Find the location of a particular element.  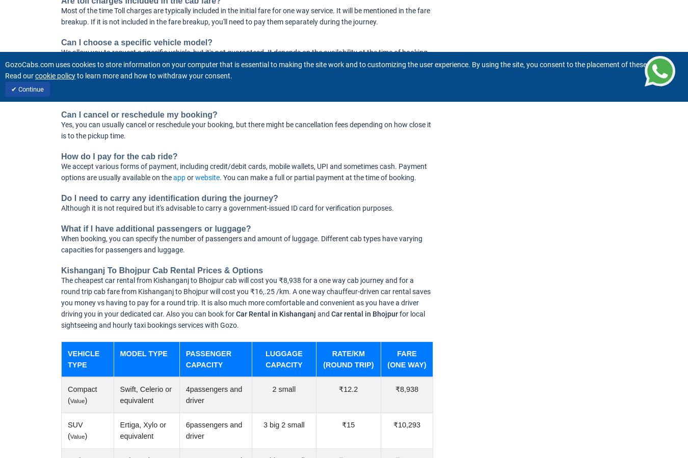

'We allow you to request a specific vehicle, but it's not guaranteed. It depends on the availability at the time of booking. For any specific request you call our' is located at coordinates (245, 58).